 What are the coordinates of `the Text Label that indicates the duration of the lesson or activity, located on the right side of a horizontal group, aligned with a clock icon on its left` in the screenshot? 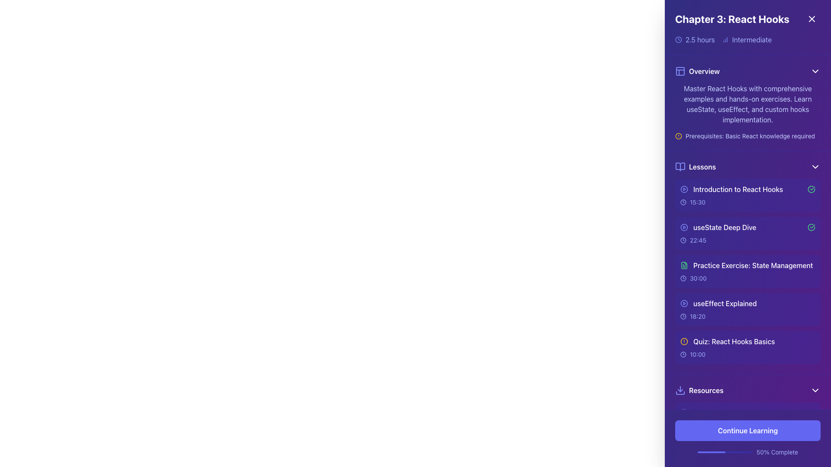 It's located at (698, 355).